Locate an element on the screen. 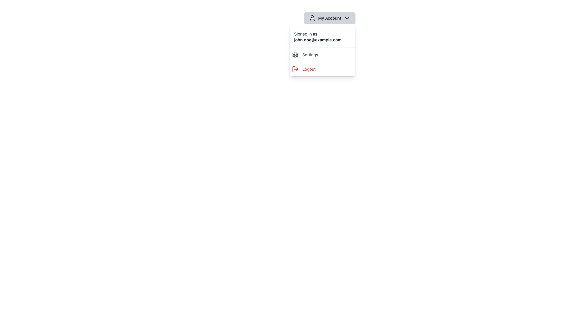 This screenshot has width=565, height=317. the dropdown menu located in the top-right corner of the viewport, which displays the current user's account information and navigation options is located at coordinates (322, 51).